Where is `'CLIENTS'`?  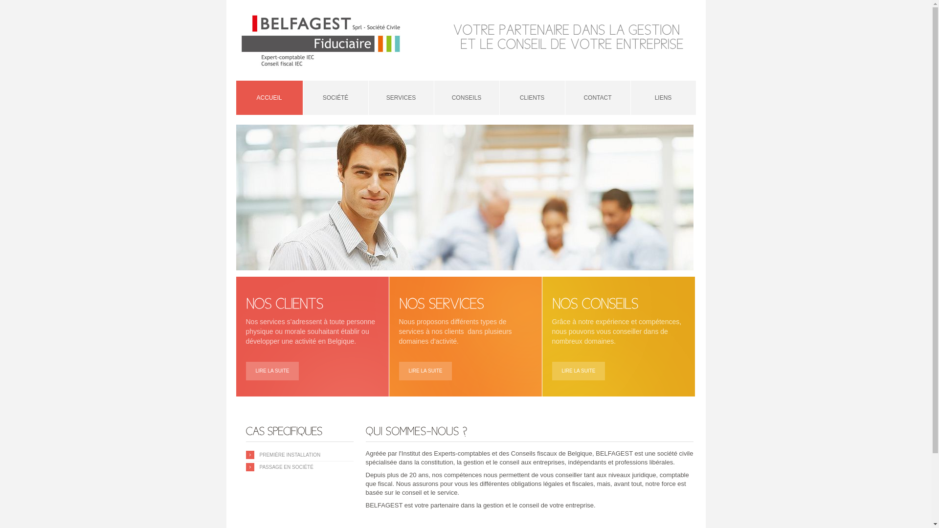 'CLIENTS' is located at coordinates (500, 98).